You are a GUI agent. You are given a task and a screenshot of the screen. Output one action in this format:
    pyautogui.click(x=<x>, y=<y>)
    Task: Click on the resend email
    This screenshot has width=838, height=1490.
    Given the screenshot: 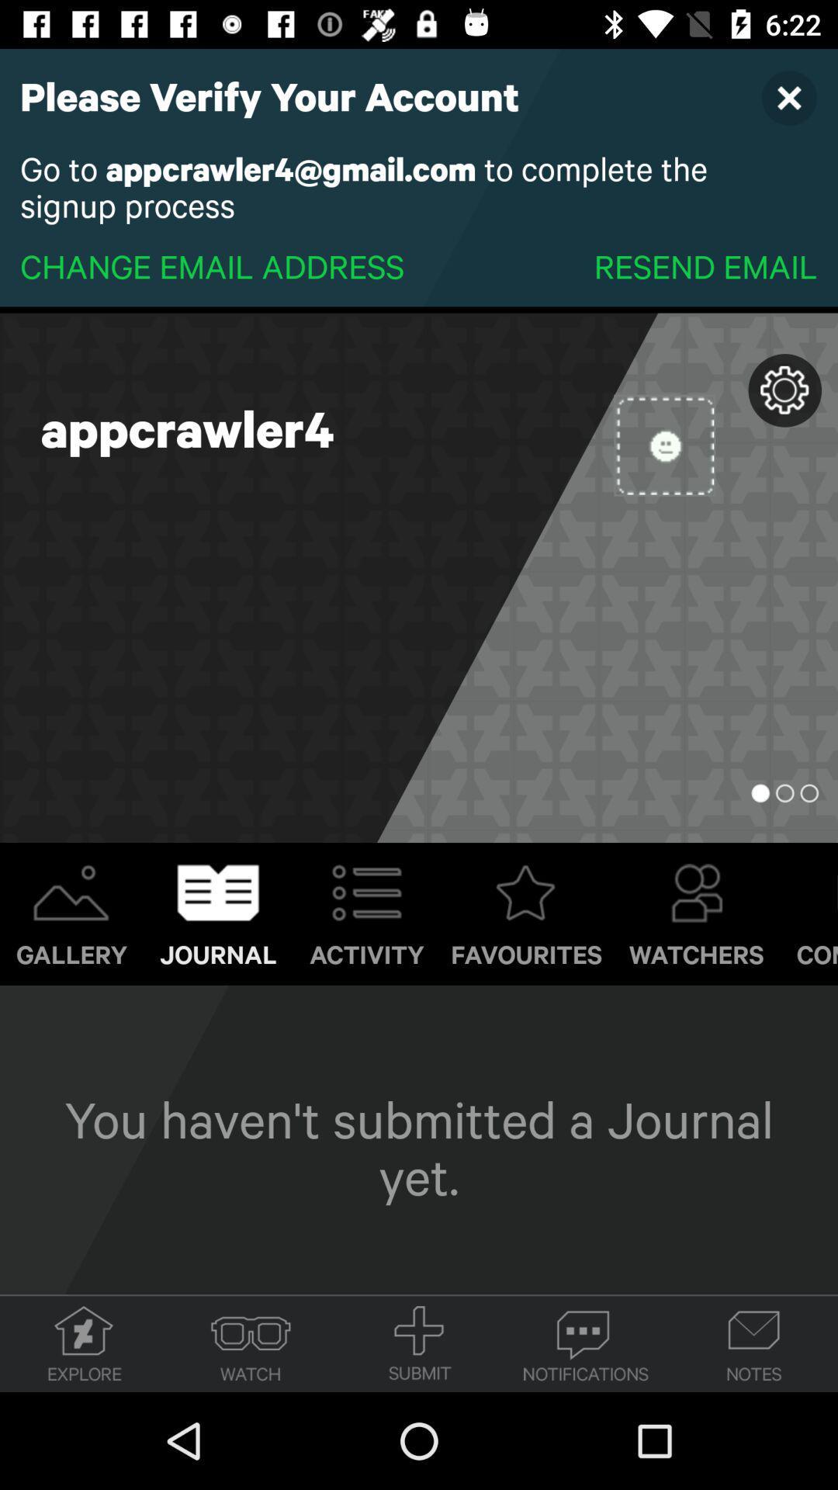 What is the action you would take?
    pyautogui.click(x=705, y=265)
    